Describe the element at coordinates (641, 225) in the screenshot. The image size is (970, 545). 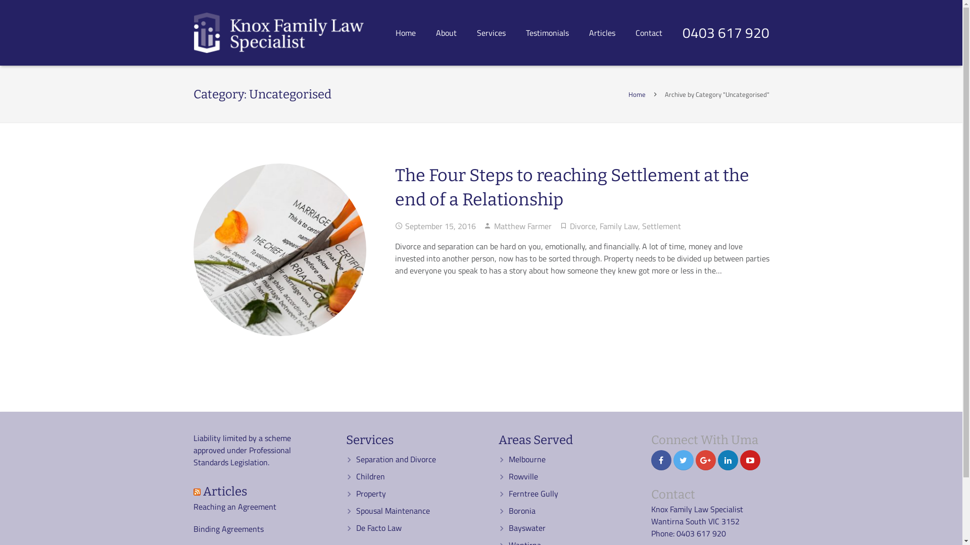
I see `'Settlement'` at that location.